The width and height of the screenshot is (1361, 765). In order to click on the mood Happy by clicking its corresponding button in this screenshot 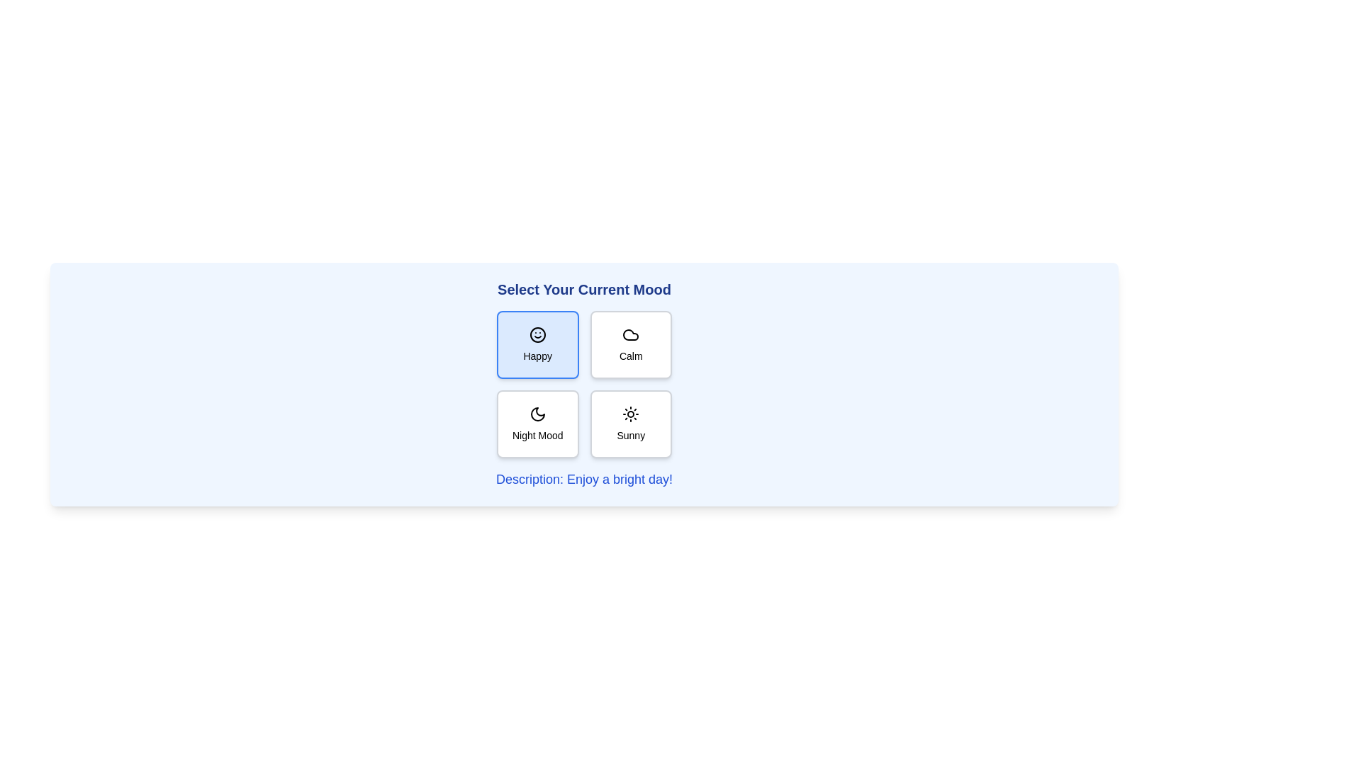, I will do `click(537, 344)`.